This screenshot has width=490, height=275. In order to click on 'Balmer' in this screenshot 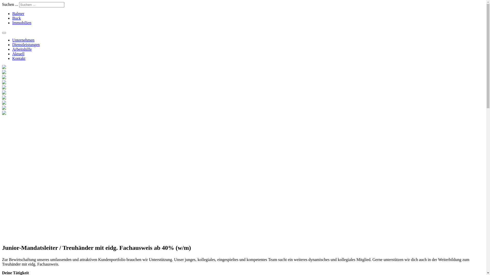, I will do `click(12, 13)`.